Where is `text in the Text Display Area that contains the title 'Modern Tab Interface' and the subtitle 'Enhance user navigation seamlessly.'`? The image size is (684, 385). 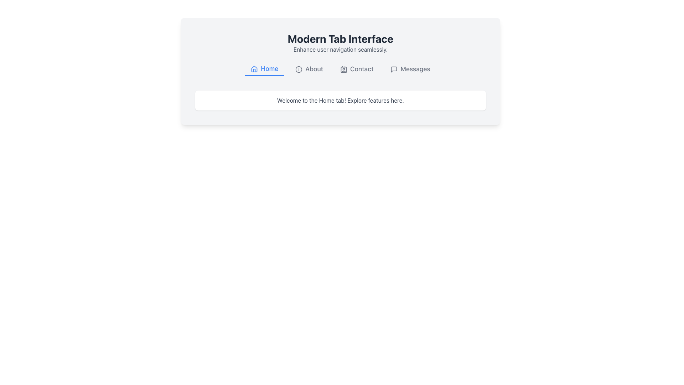
text in the Text Display Area that contains the title 'Modern Tab Interface' and the subtitle 'Enhance user navigation seamlessly.' is located at coordinates (340, 47).